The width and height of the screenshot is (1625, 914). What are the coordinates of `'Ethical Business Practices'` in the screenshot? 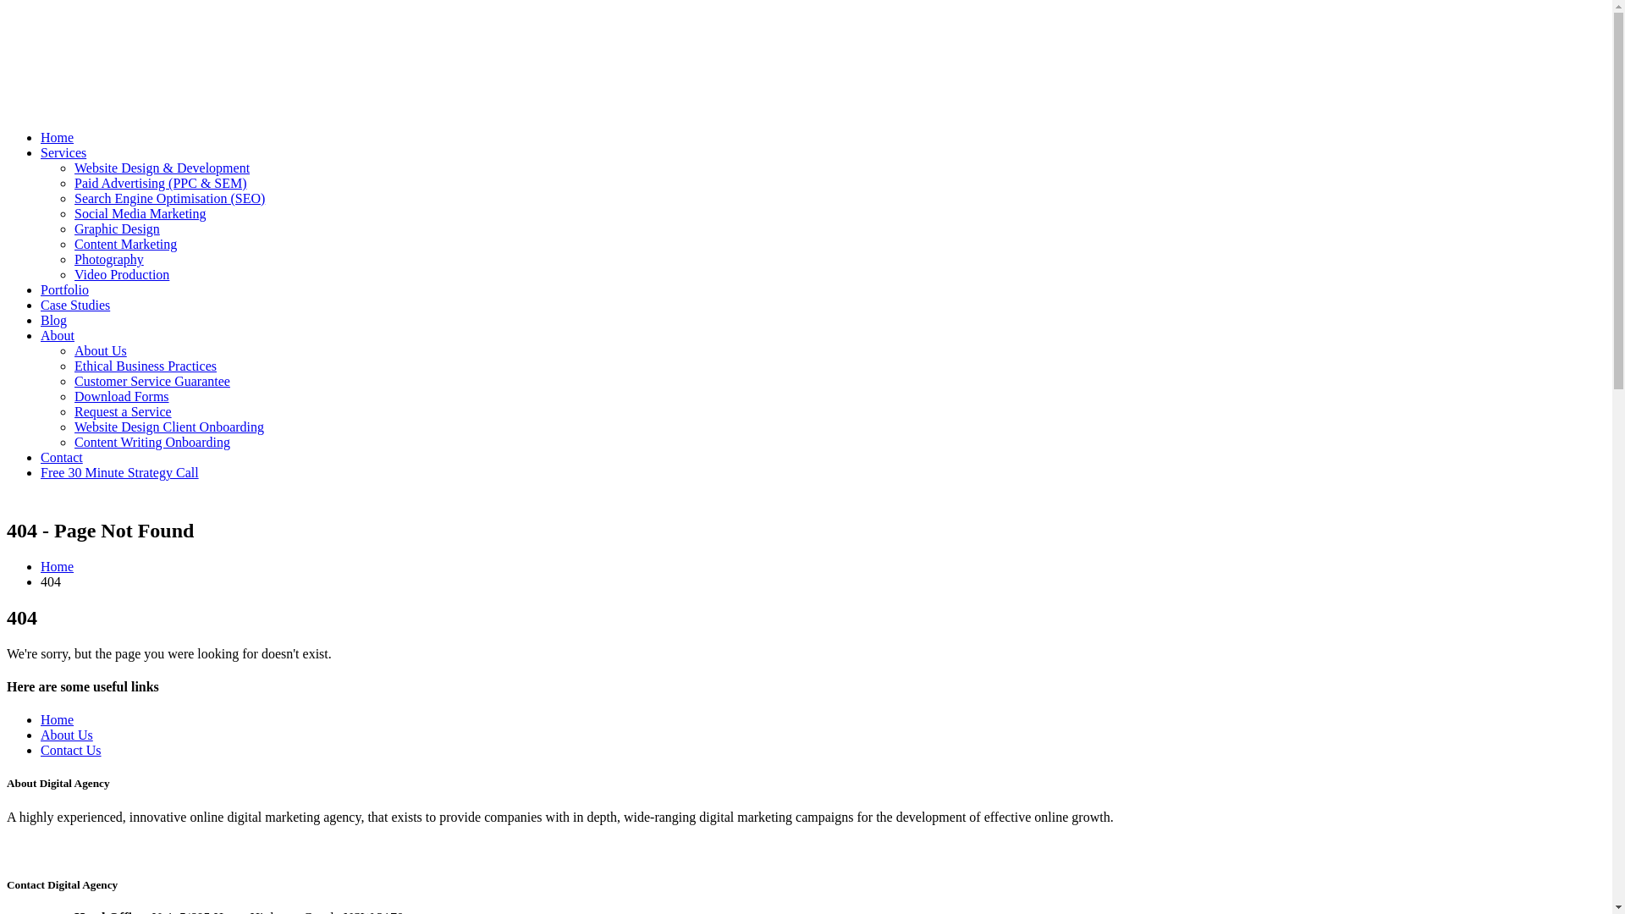 It's located at (146, 365).